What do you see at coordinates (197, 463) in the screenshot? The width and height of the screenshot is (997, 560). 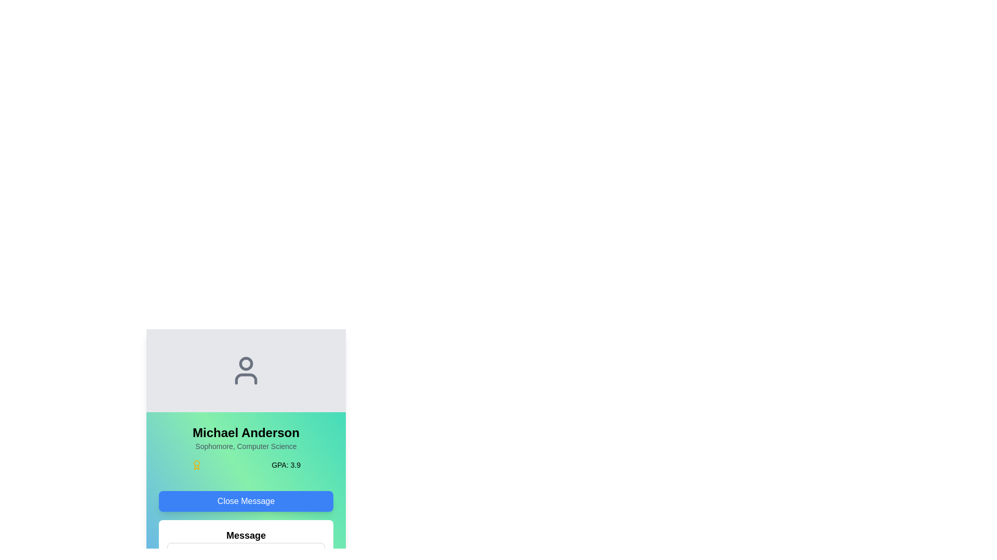 I see `the circular SVG graphic element with a yellow stroke located inside the profile icon to the left of the text 'Michael Anderson'` at bounding box center [197, 463].